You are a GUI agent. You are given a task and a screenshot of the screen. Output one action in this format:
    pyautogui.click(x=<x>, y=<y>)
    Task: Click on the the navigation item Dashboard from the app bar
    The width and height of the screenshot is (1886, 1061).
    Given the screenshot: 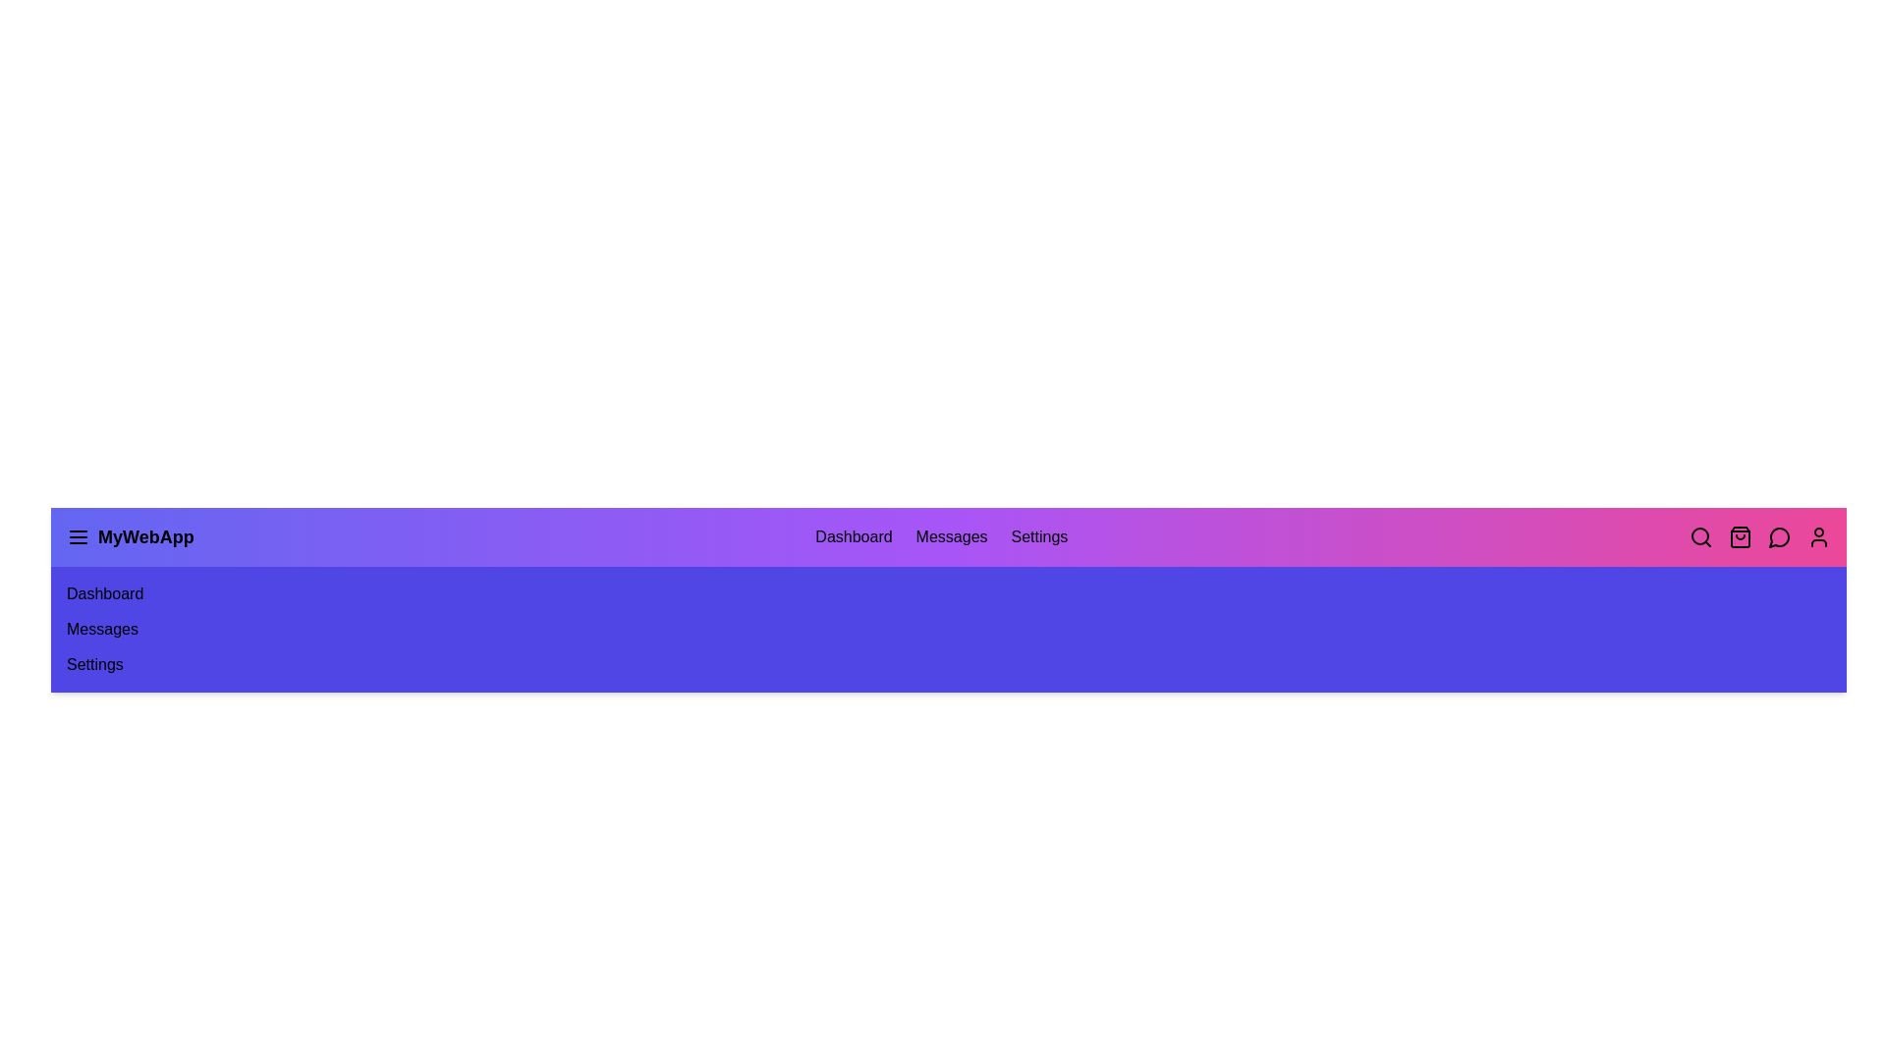 What is the action you would take?
    pyautogui.click(x=853, y=537)
    